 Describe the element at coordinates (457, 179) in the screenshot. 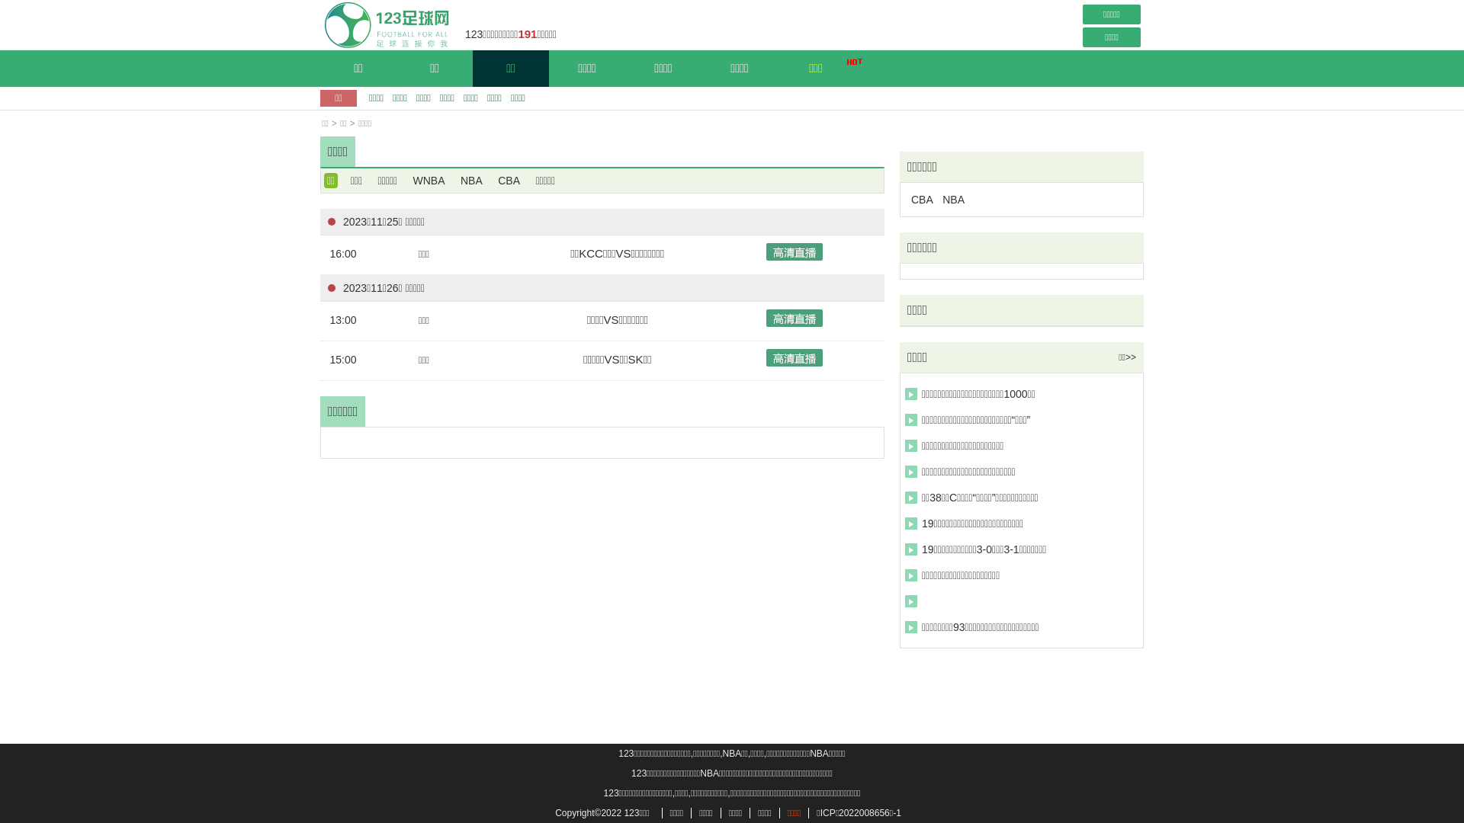

I see `'NBA'` at that location.